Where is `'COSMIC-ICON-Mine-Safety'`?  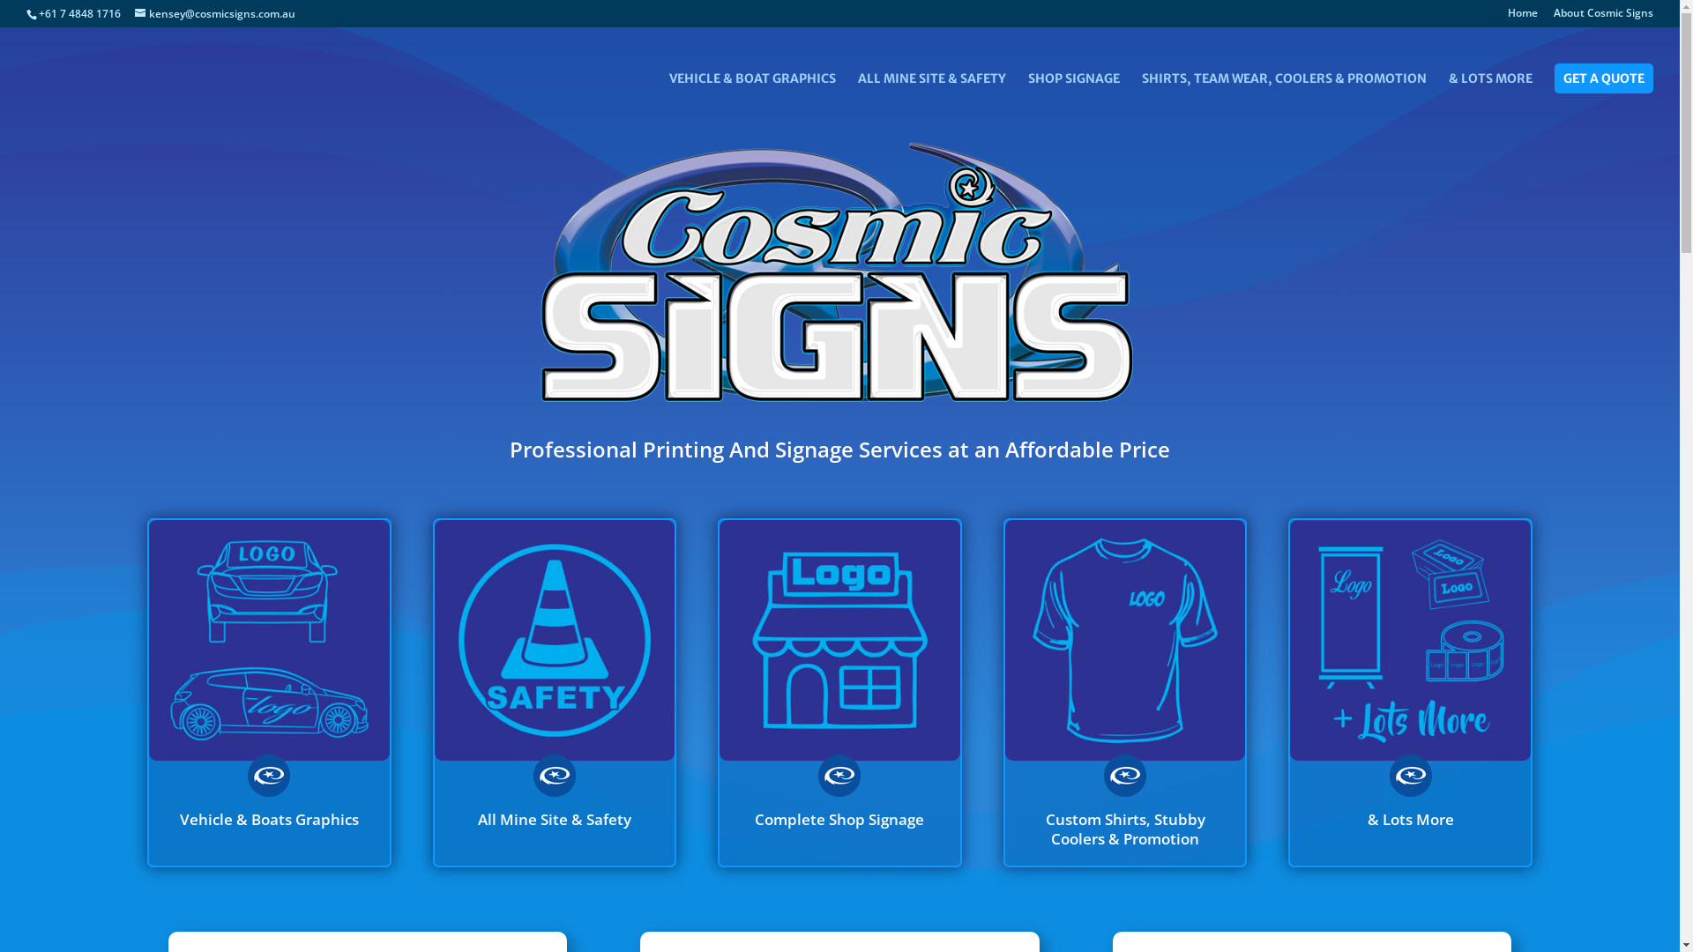 'COSMIC-ICON-Mine-Safety' is located at coordinates (553, 639).